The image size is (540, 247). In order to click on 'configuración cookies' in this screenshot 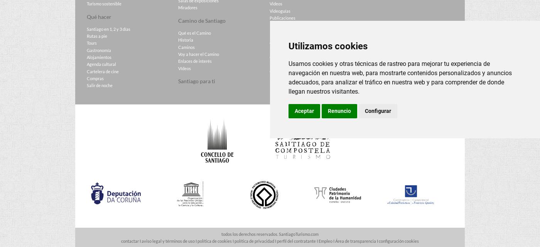, I will do `click(399, 240)`.